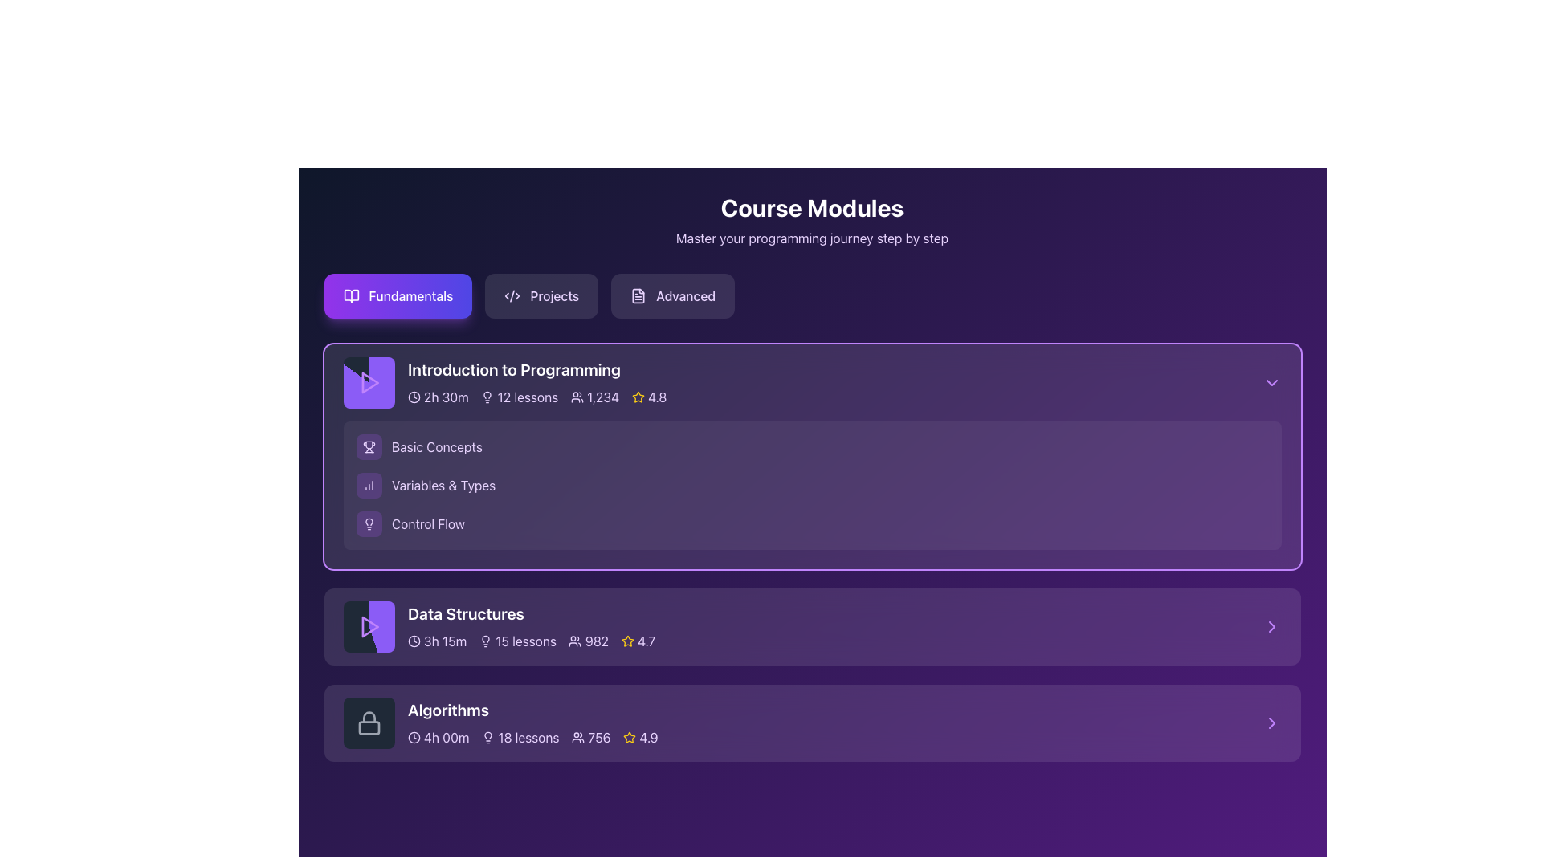 The image size is (1542, 867). What do you see at coordinates (536, 370) in the screenshot?
I see `the course module title text label located at the center-top of the course card in the 'Fundamentals' tab to copy its text` at bounding box center [536, 370].